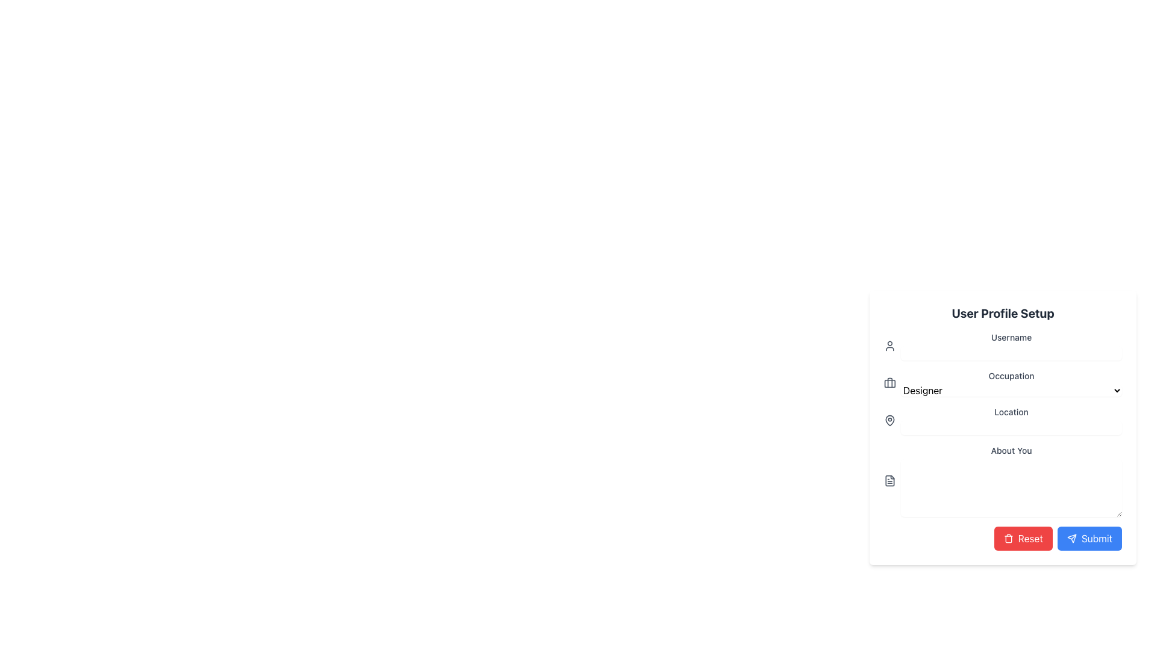  What do you see at coordinates (1029, 537) in the screenshot?
I see `the reset button located to the left of the blue 'Submit' button with a paper airplane icon` at bounding box center [1029, 537].